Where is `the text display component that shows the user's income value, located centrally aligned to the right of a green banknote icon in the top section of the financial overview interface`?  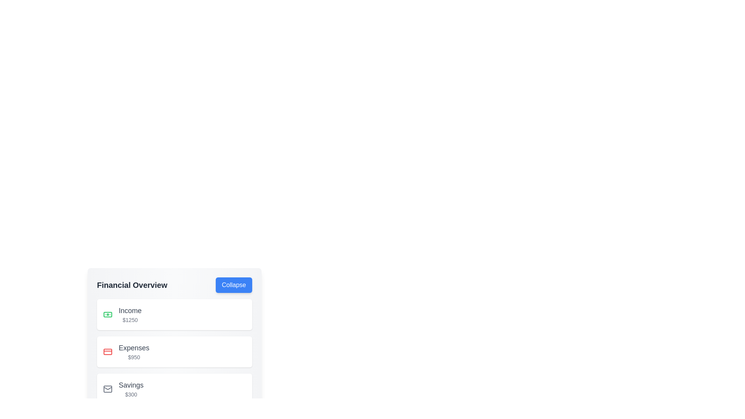 the text display component that shows the user's income value, located centrally aligned to the right of a green banknote icon in the top section of the financial overview interface is located at coordinates (130, 314).